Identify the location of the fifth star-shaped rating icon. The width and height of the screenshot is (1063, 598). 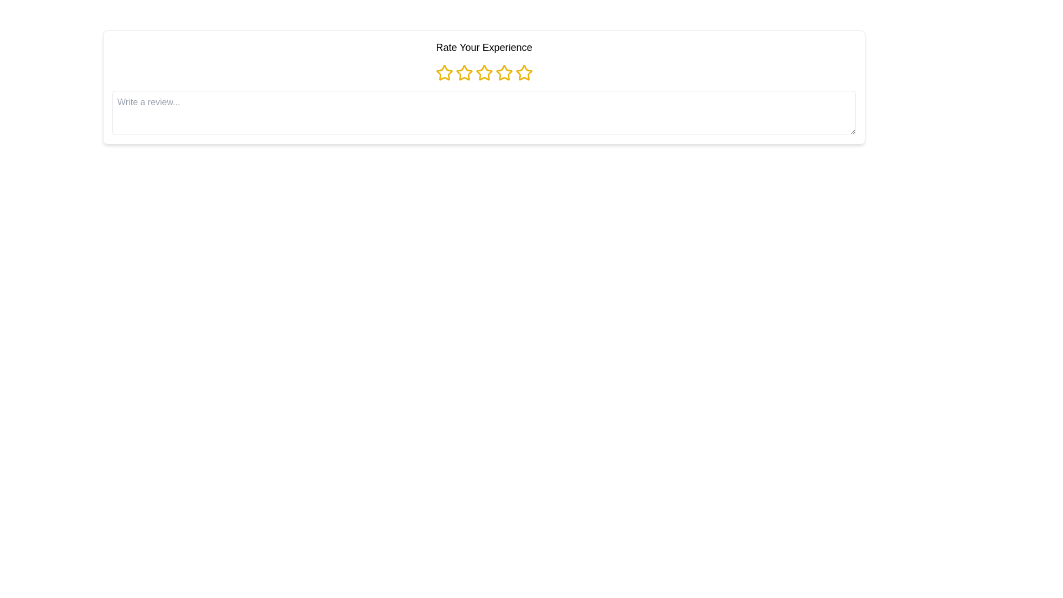
(523, 73).